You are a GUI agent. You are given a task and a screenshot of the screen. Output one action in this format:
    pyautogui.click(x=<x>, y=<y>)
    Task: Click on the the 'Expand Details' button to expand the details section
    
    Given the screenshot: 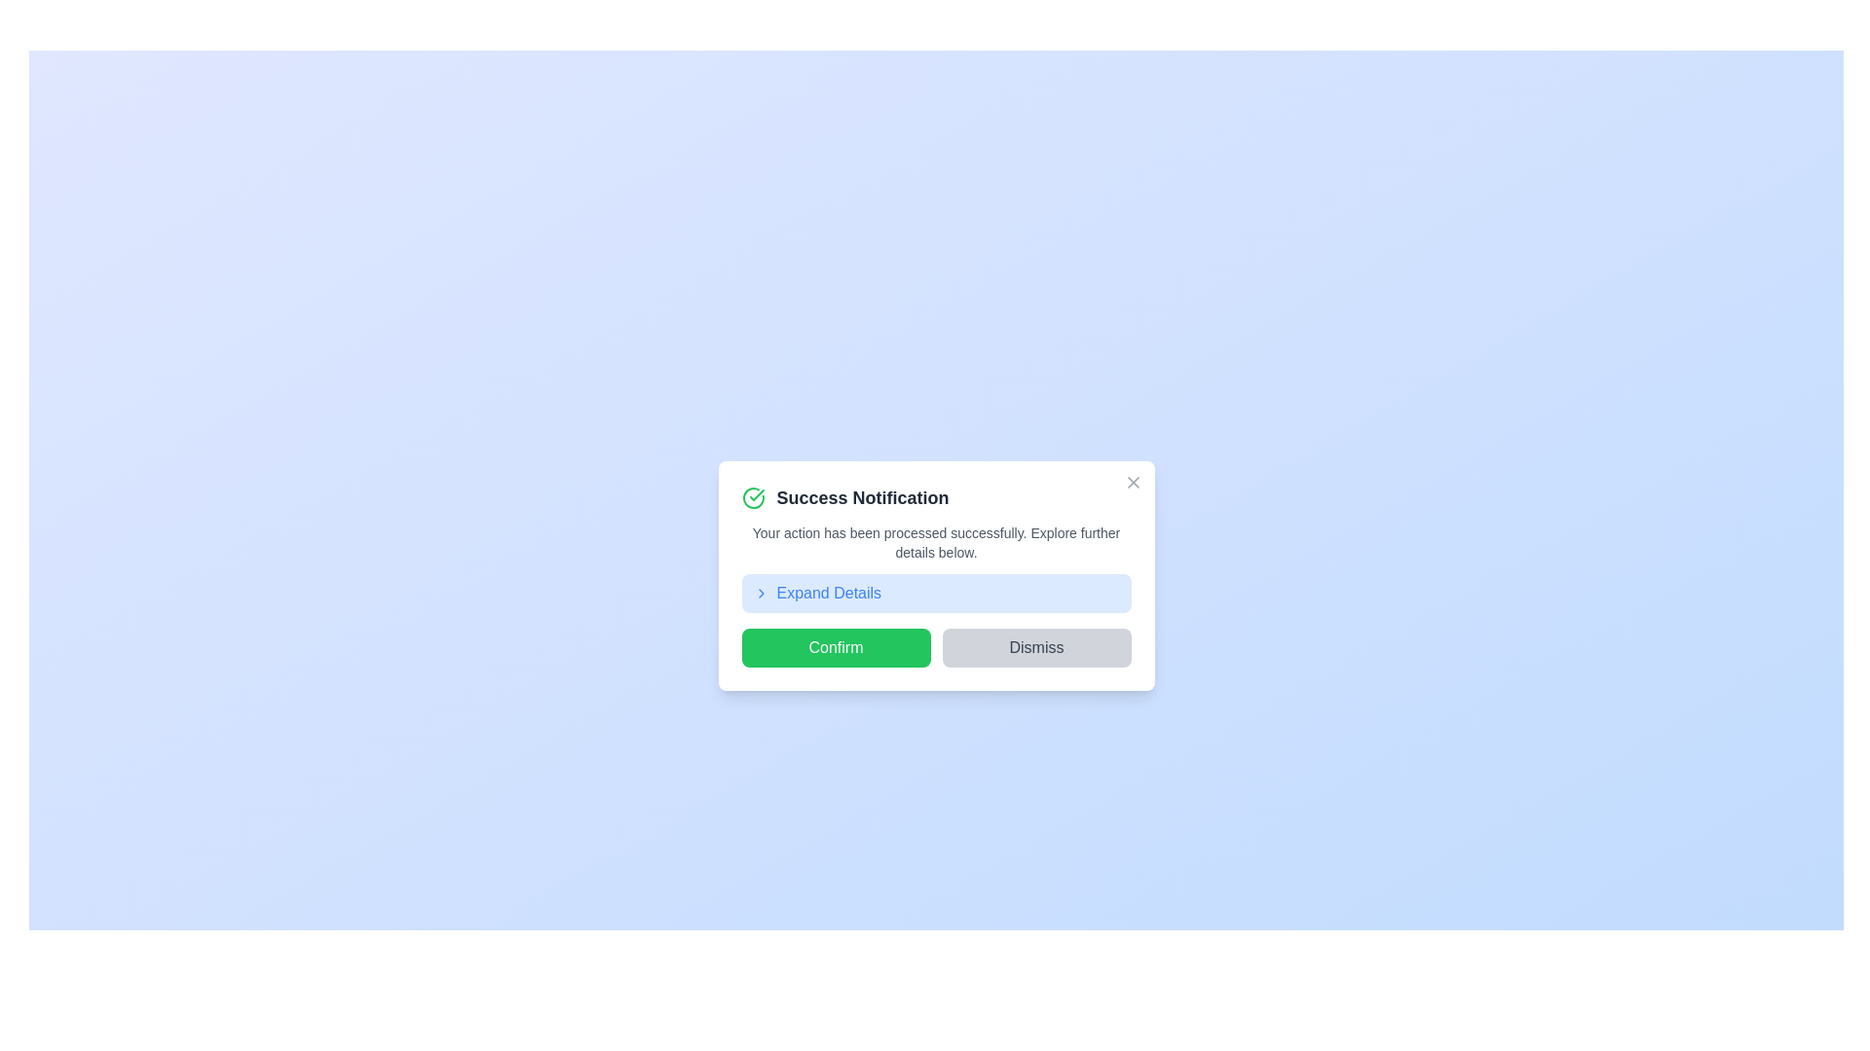 What is the action you would take?
    pyautogui.click(x=936, y=592)
    